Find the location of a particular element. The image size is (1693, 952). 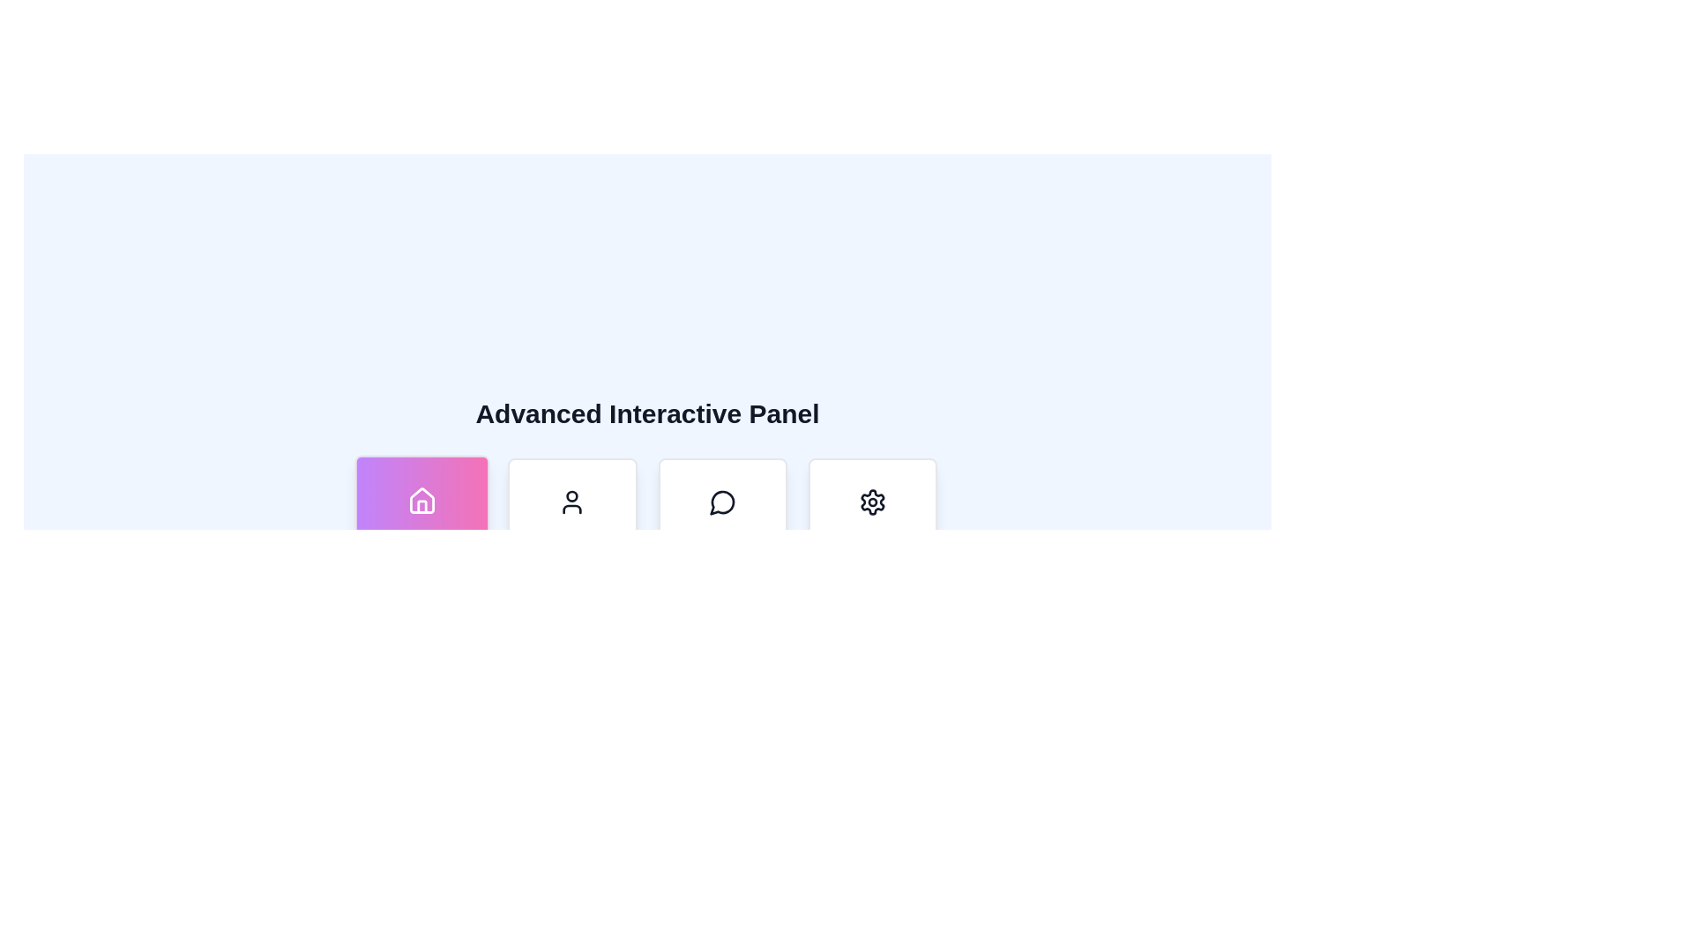

the 'Profile' button, which is the second item in a horizontally aligned group of cards, located to the right of the 'Dashboard' card and to the left of the 'Messages' card is located at coordinates (572, 520).